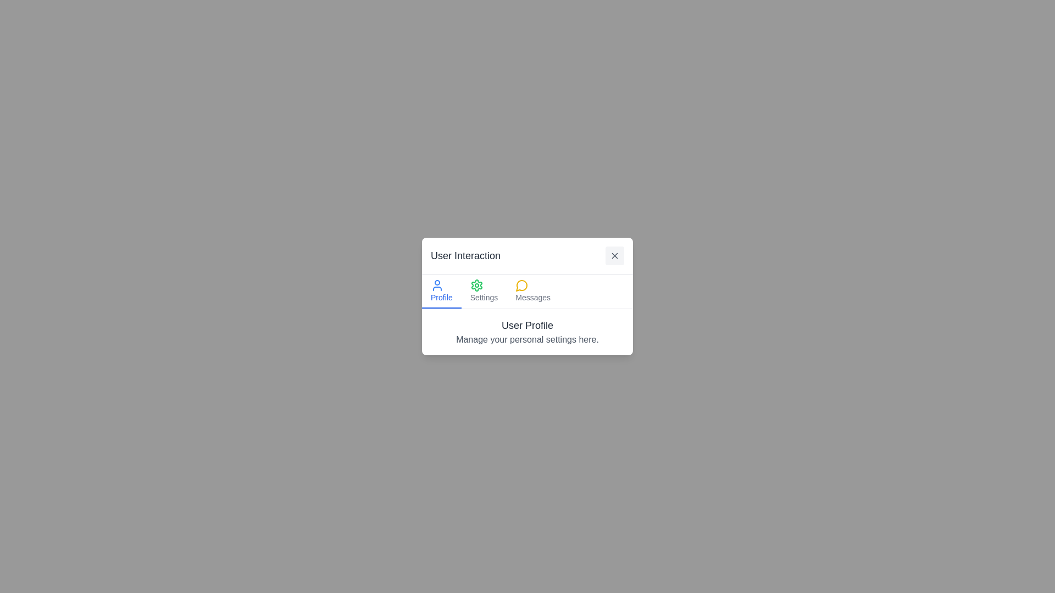 The height and width of the screenshot is (593, 1055). I want to click on the yellow speech bubble-style icon located near the 'Messages' label to focus on it, so click(521, 285).